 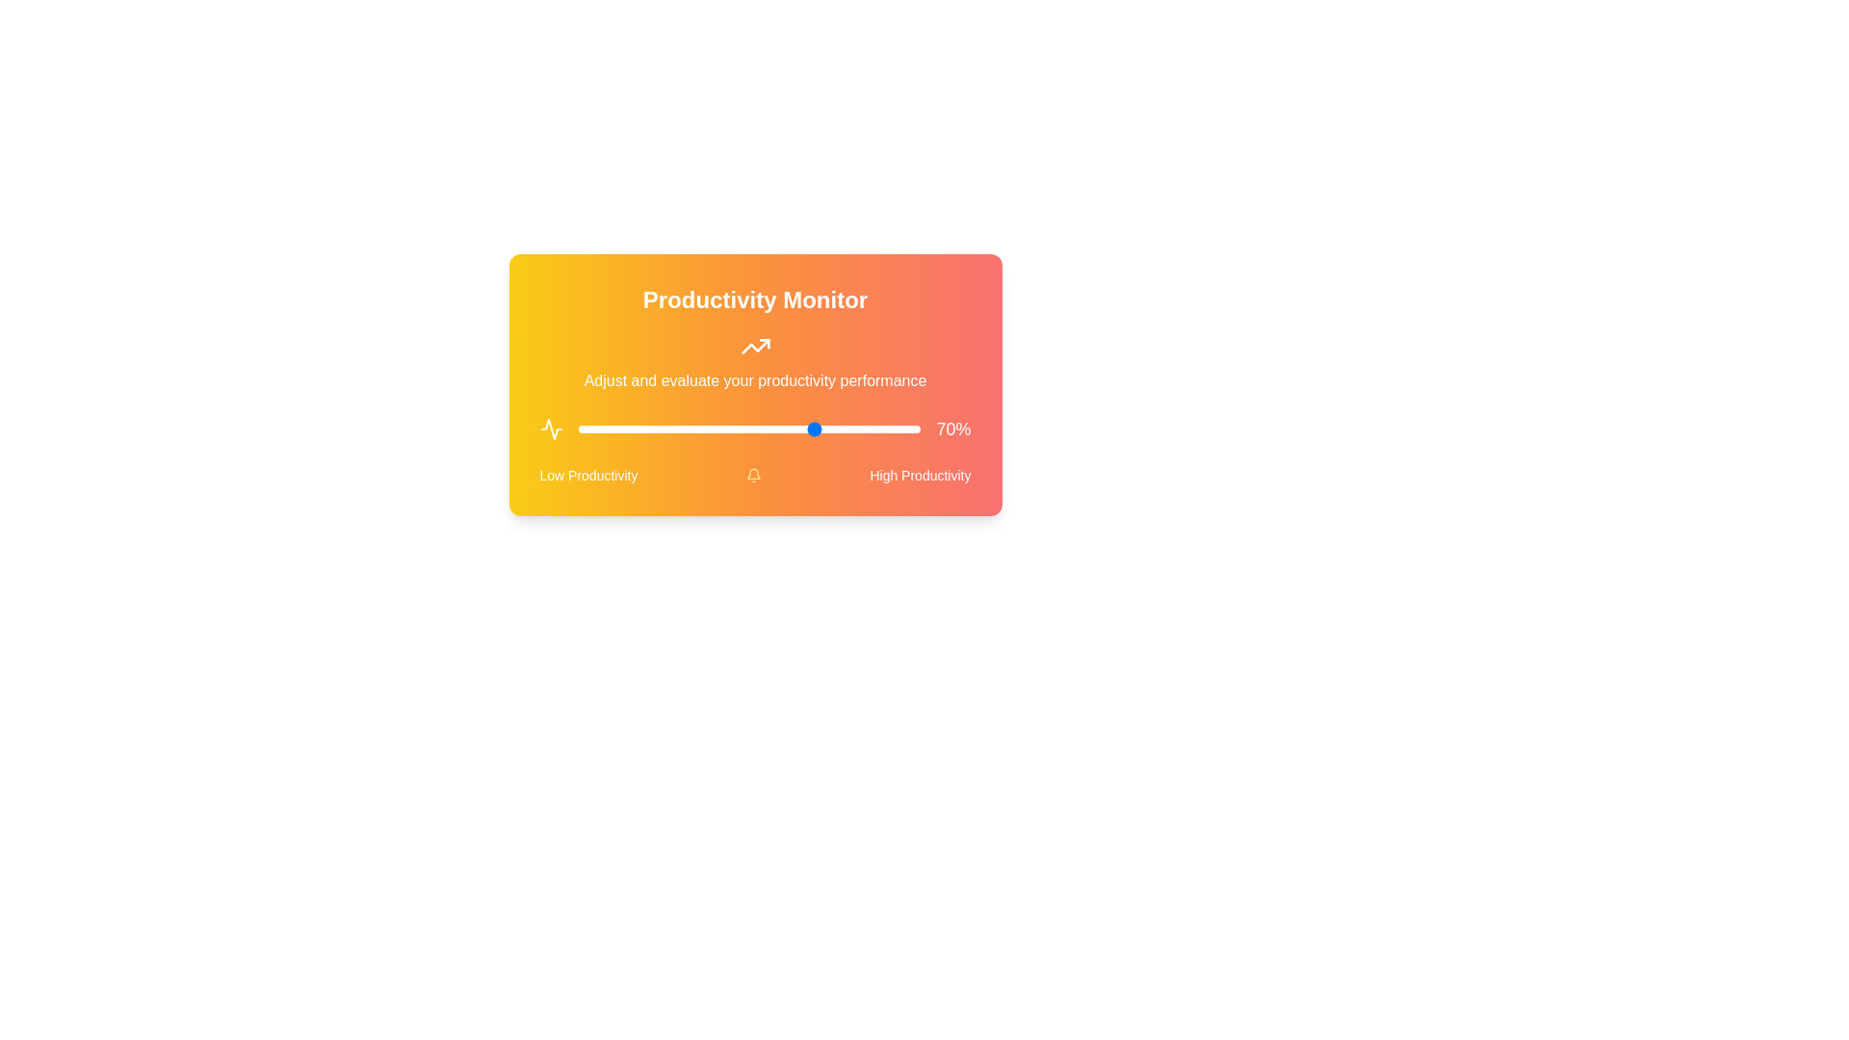 What do you see at coordinates (717, 429) in the screenshot?
I see `the slider to set the productivity value to 41` at bounding box center [717, 429].